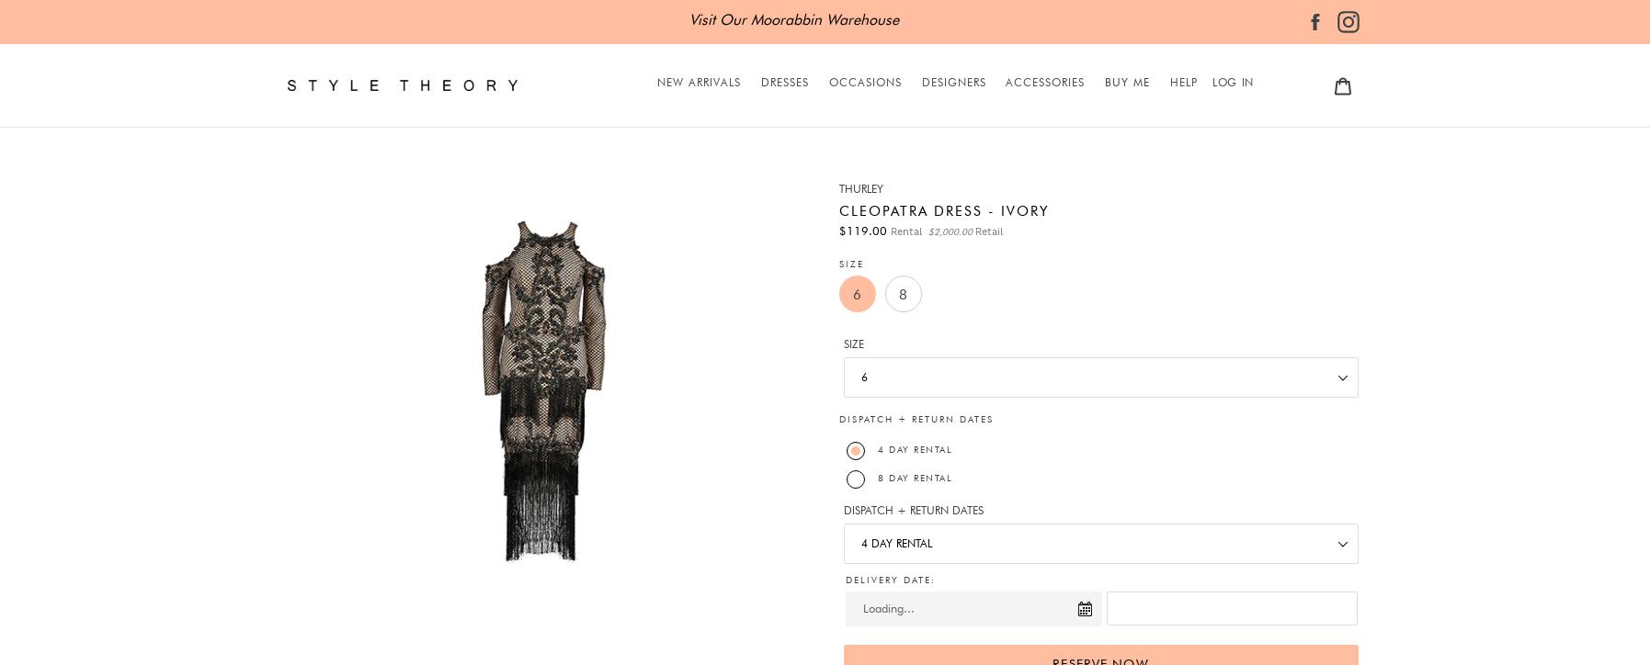  What do you see at coordinates (1206, 187) in the screenshot?
I see `'Try On Service'` at bounding box center [1206, 187].